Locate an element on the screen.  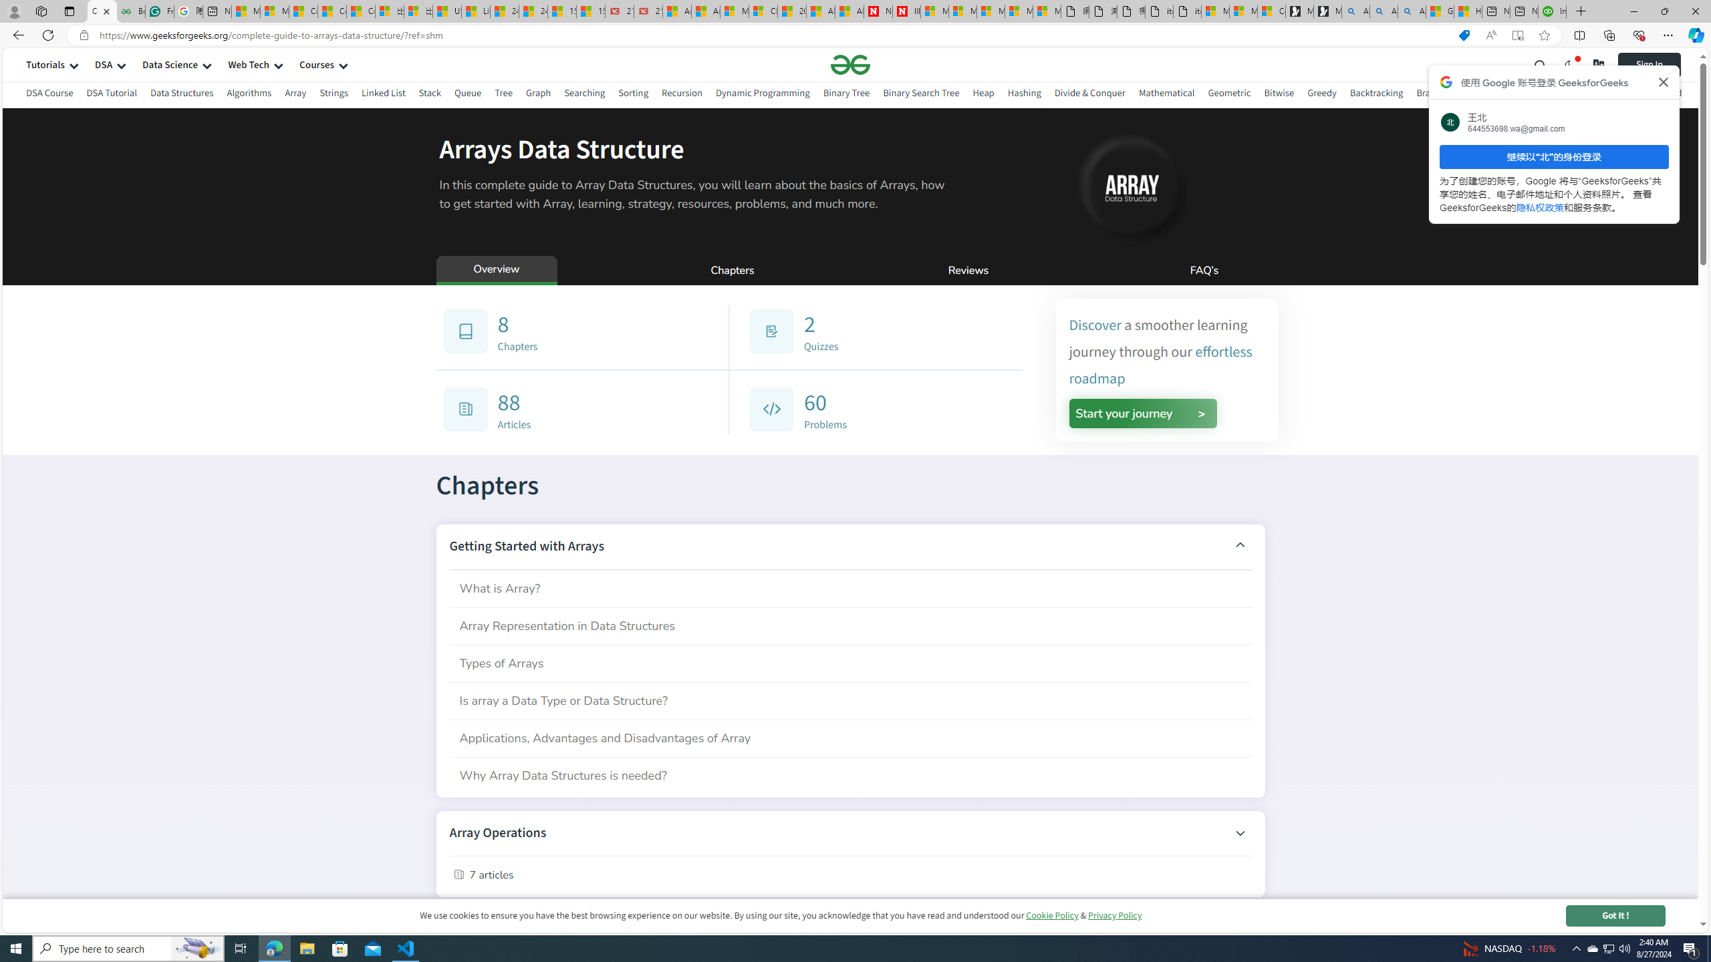
'Graph' is located at coordinates (537, 92).